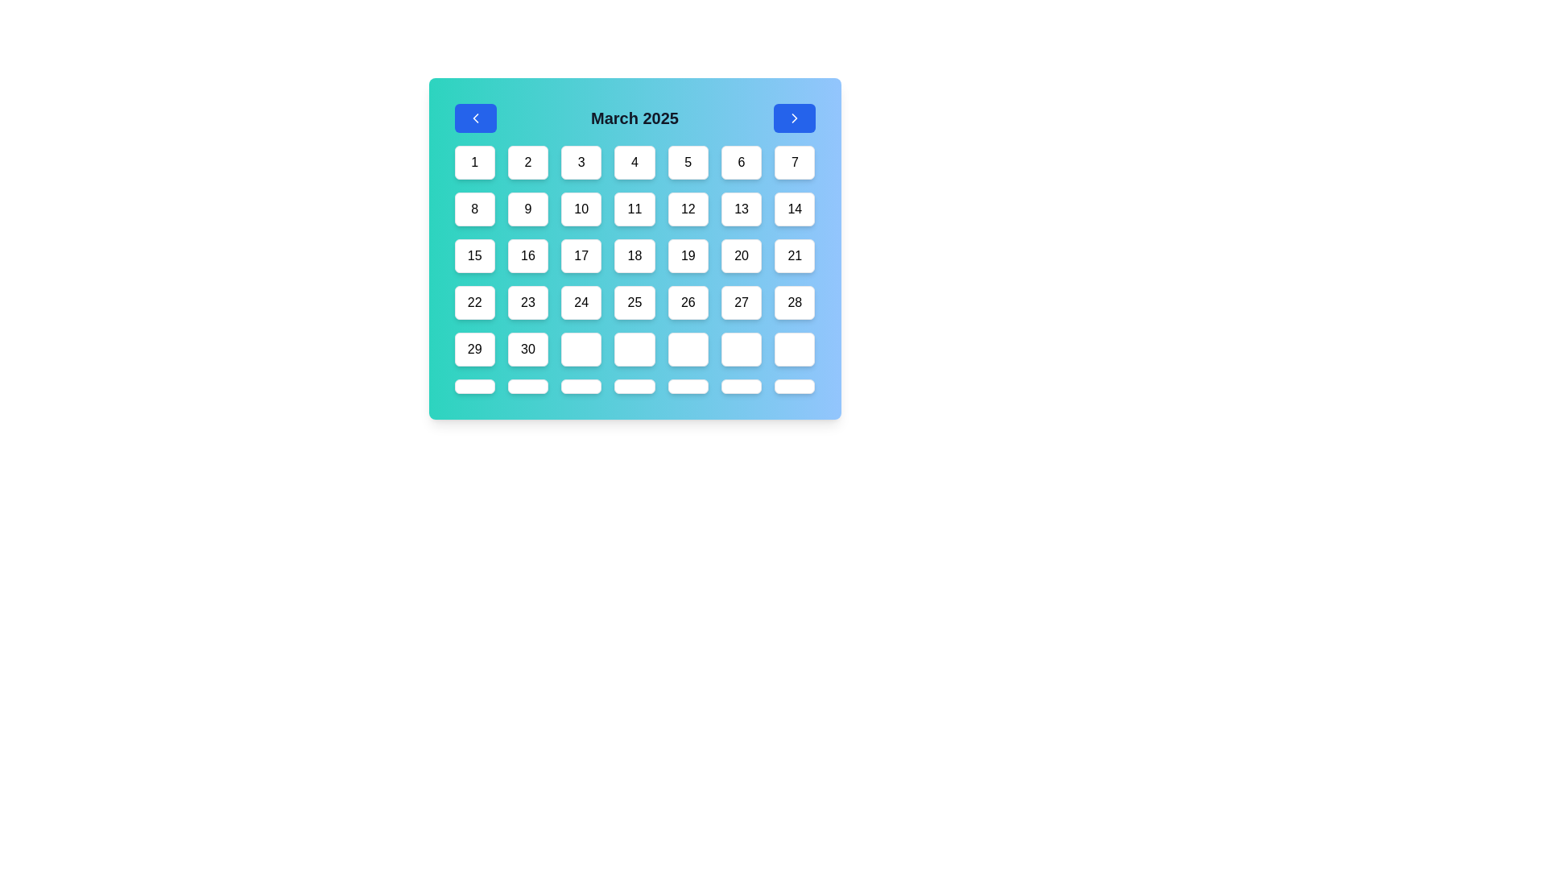 This screenshot has height=870, width=1546. Describe the element at coordinates (688, 349) in the screenshot. I see `the empty button located in the fifth column of the fifth row in a grid, which serves as a placeholder in a calendar interface` at that location.